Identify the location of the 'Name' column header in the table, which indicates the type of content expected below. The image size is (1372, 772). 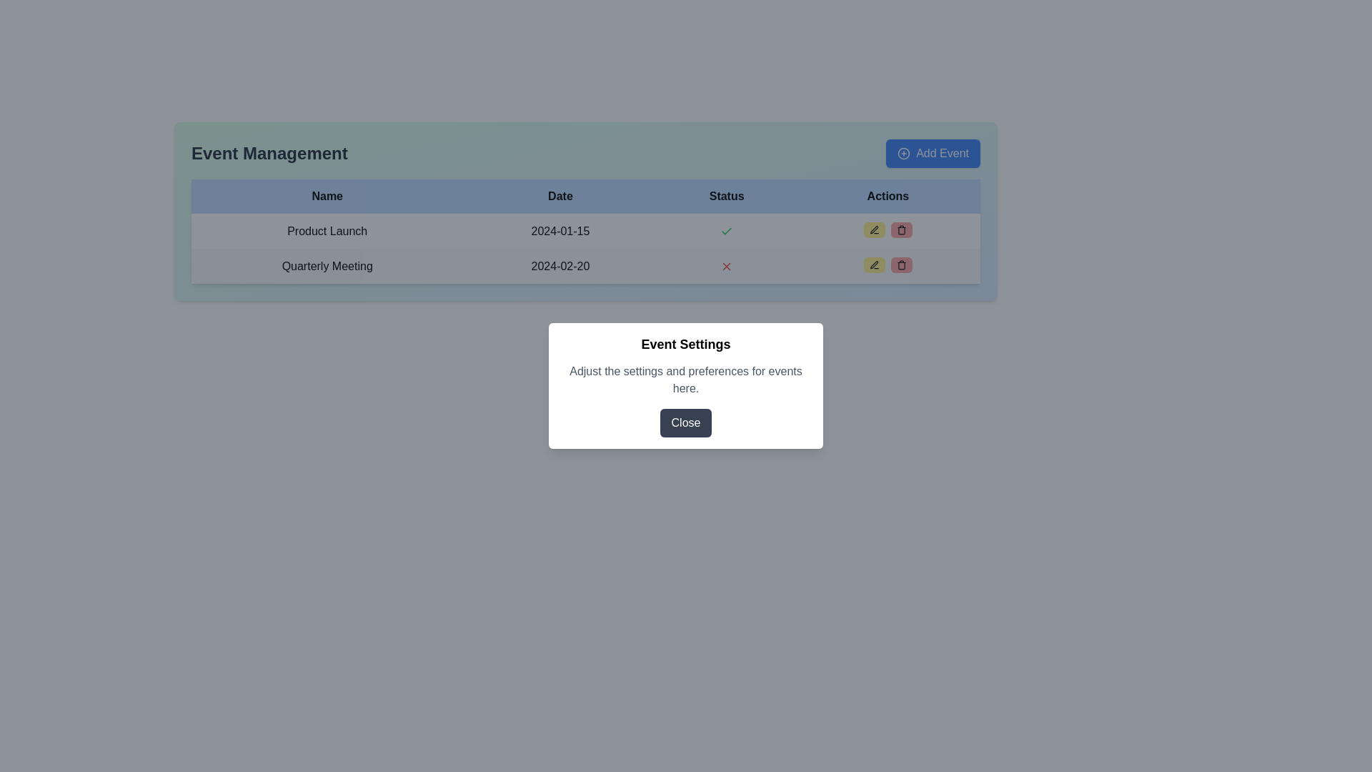
(327, 196).